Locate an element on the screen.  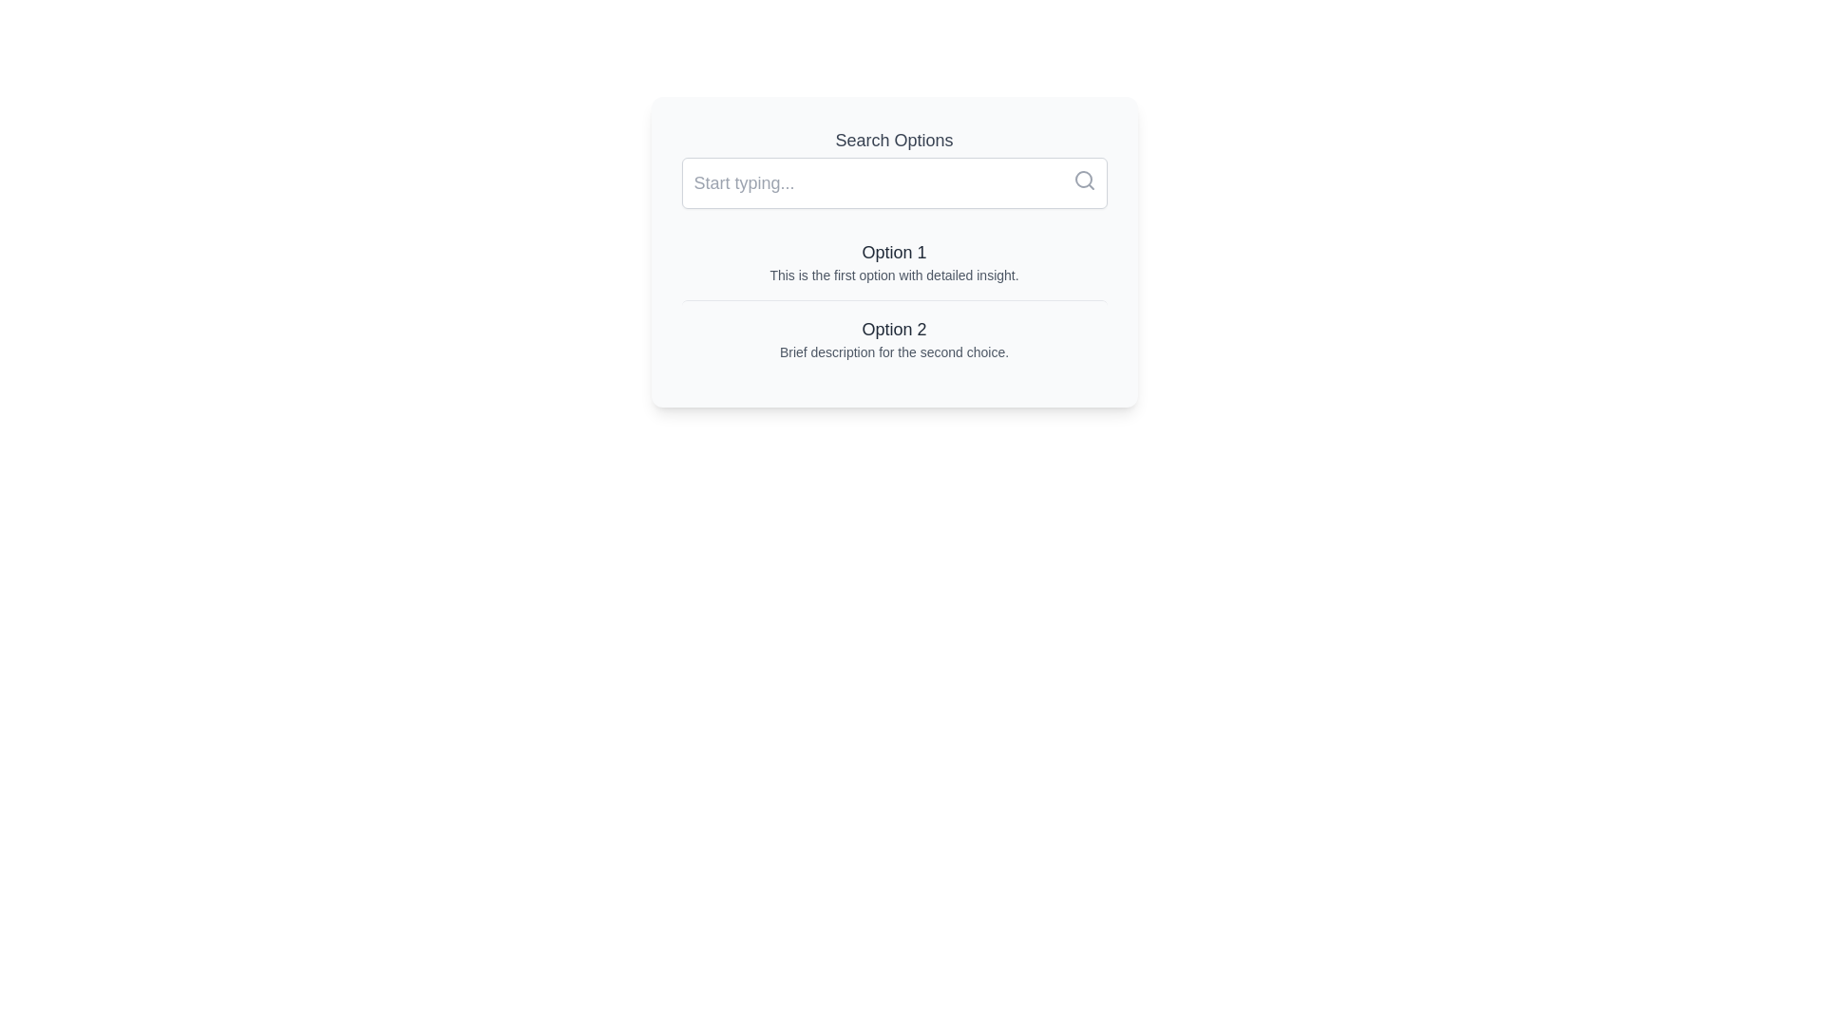
the text label that reads 'Brief description for the second choice.' located under 'Option 2' in the second option card is located at coordinates (893, 351).